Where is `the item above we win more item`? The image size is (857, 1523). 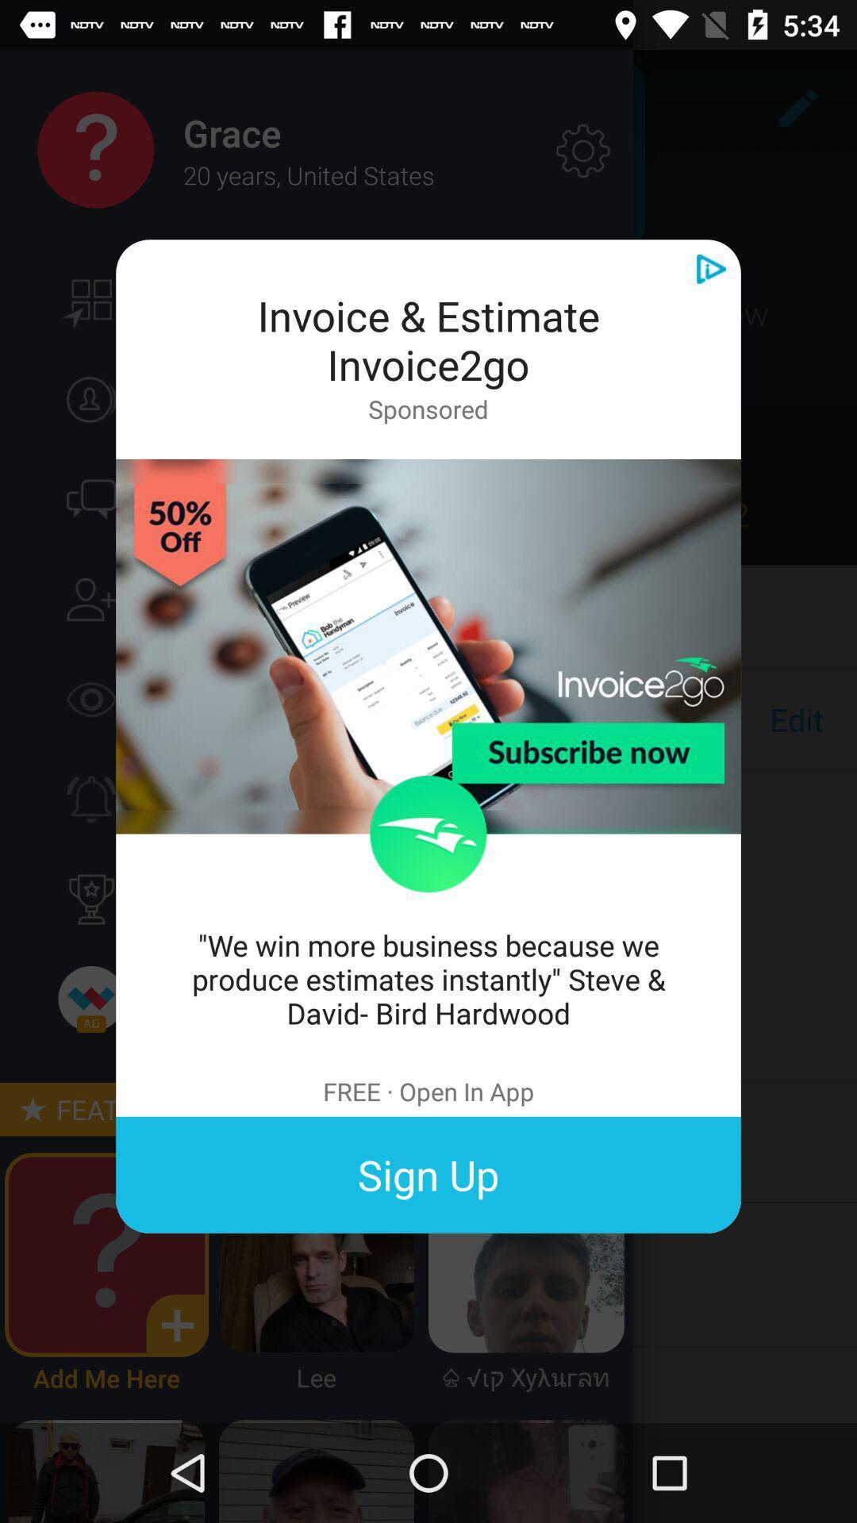 the item above we win more item is located at coordinates (428, 833).